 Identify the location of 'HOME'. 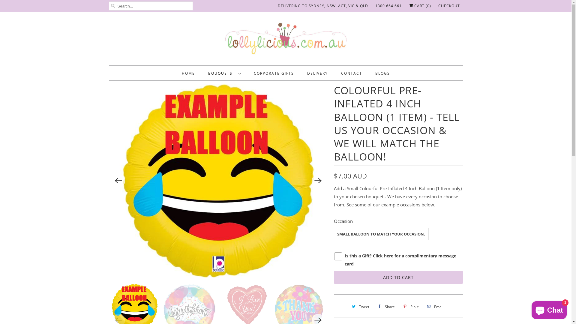
(181, 73).